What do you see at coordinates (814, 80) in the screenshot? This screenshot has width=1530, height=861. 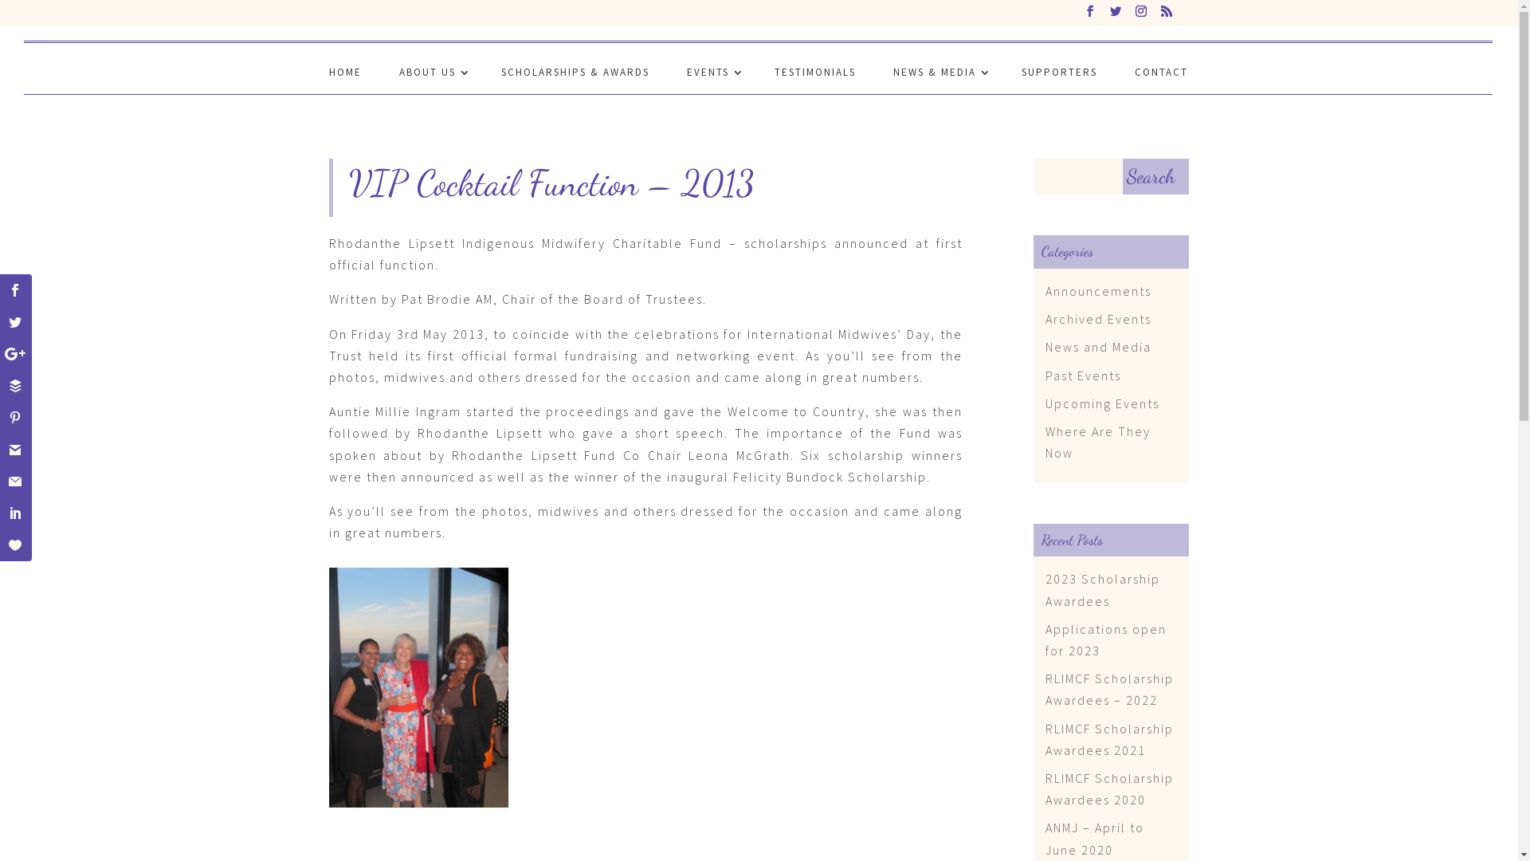 I see `'TESTIMONIALS'` at bounding box center [814, 80].